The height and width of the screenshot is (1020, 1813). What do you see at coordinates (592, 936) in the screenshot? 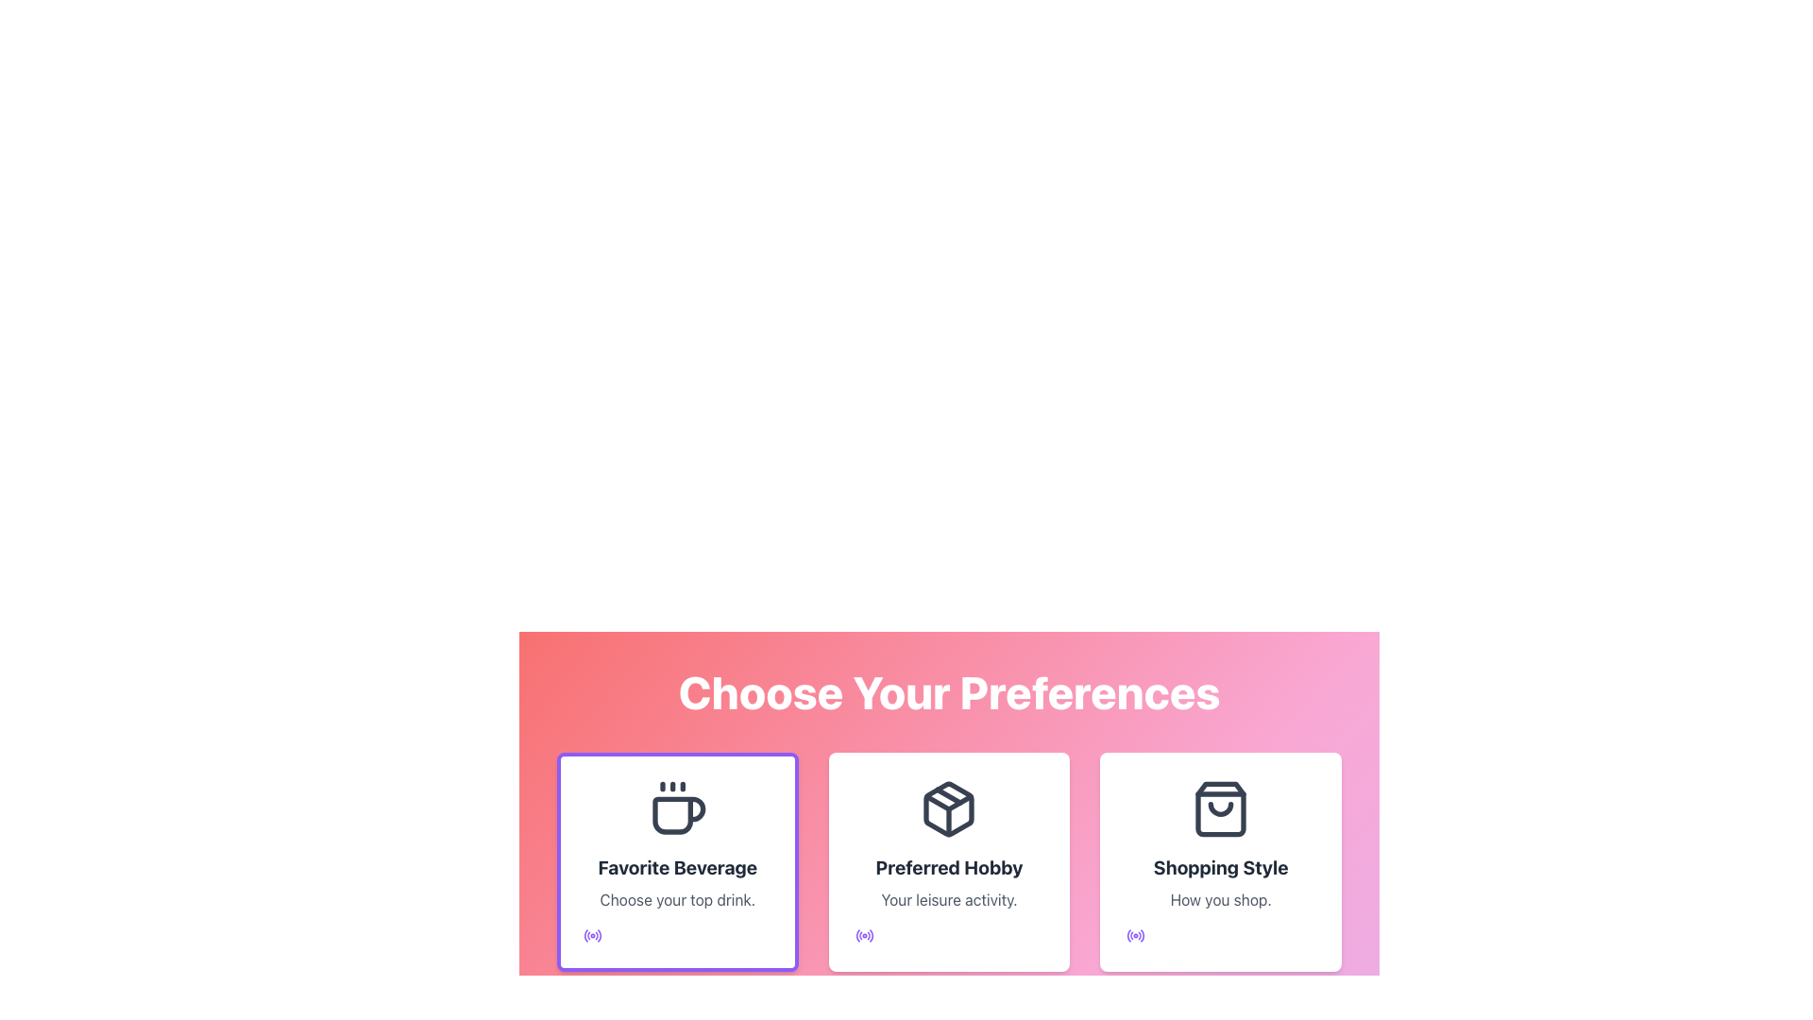
I see `the circular radio button with purple accents within the 'Favorite Beverage' card` at bounding box center [592, 936].